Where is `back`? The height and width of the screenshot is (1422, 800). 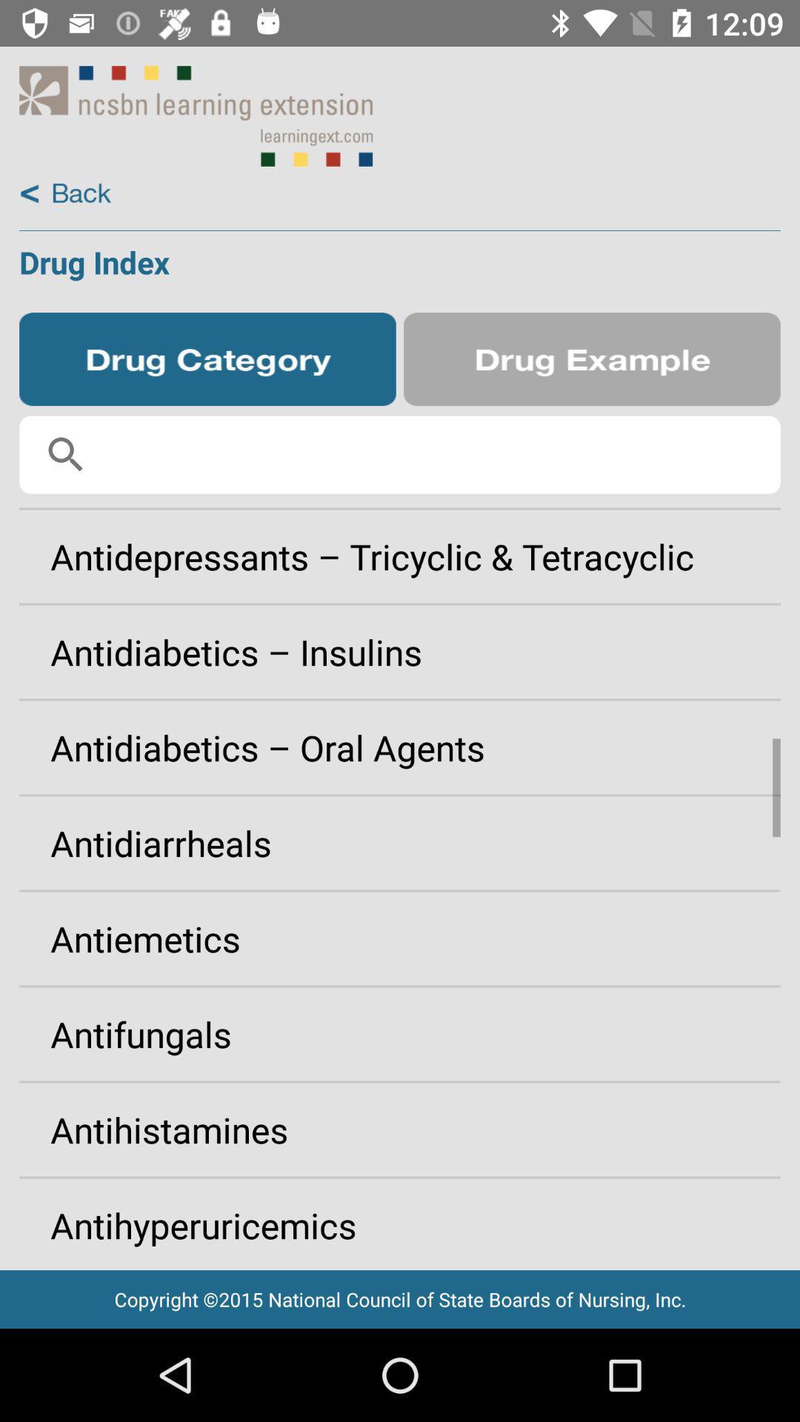 back is located at coordinates (64, 193).